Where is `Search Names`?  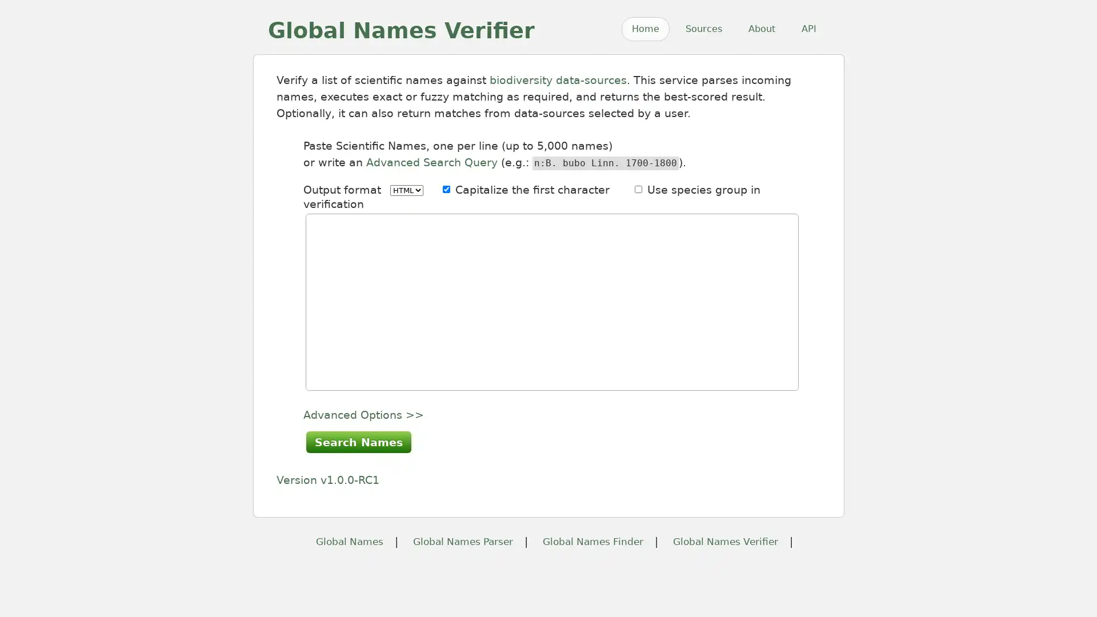 Search Names is located at coordinates (358, 442).